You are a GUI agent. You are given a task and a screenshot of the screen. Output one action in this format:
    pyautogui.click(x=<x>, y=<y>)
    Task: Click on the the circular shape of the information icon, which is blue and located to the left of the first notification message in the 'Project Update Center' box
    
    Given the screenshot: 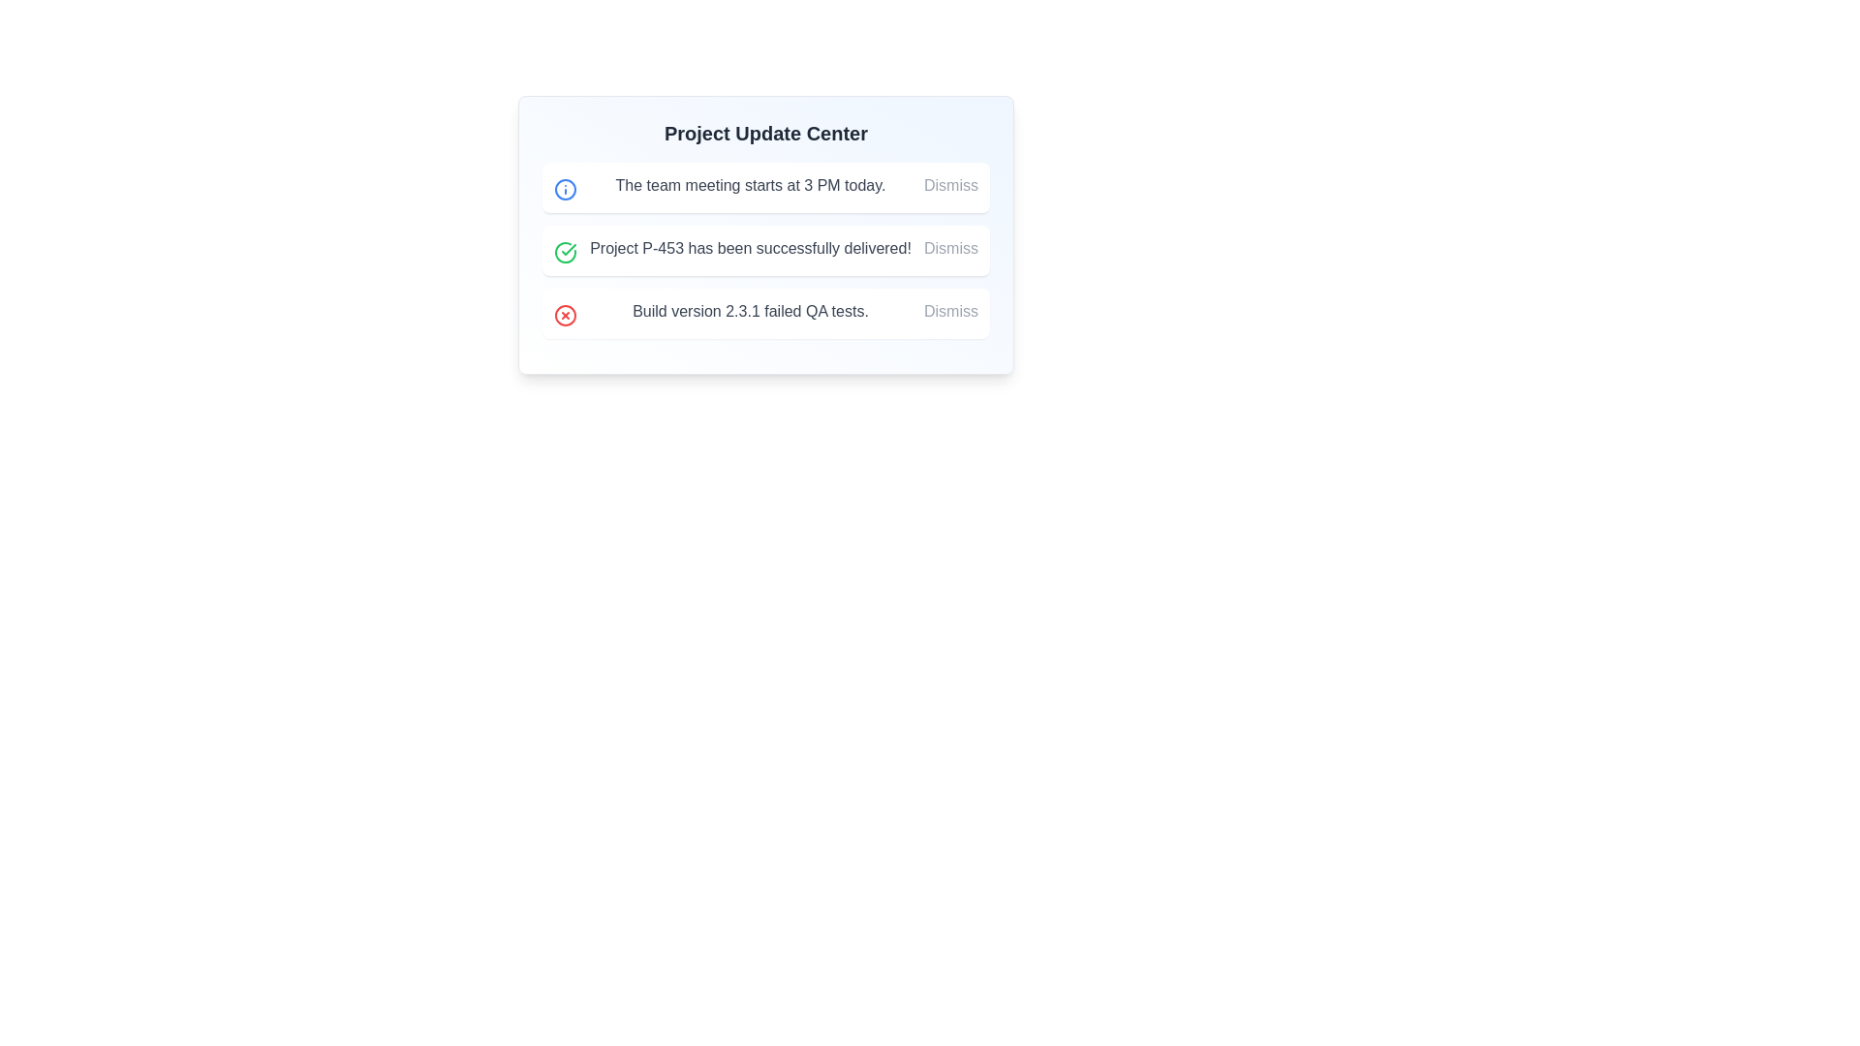 What is the action you would take?
    pyautogui.click(x=565, y=190)
    